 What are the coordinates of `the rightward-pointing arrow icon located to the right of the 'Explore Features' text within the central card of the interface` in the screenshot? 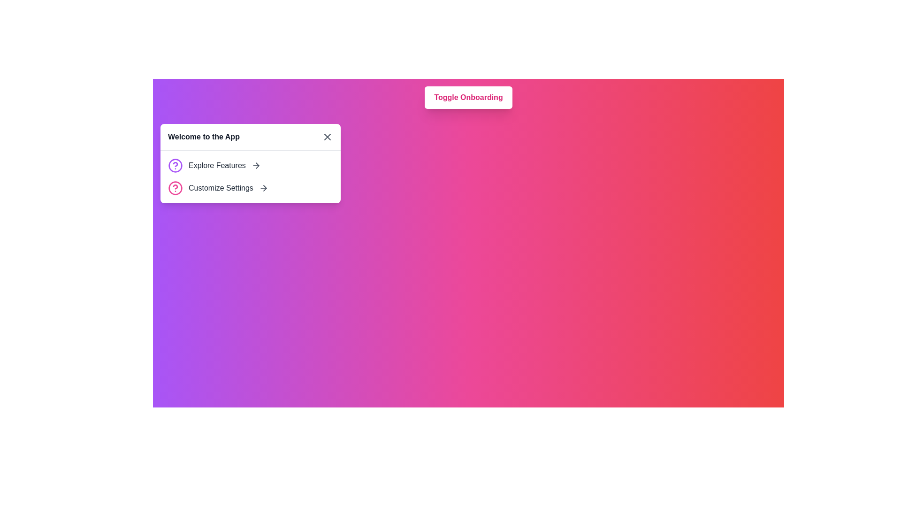 It's located at (256, 165).